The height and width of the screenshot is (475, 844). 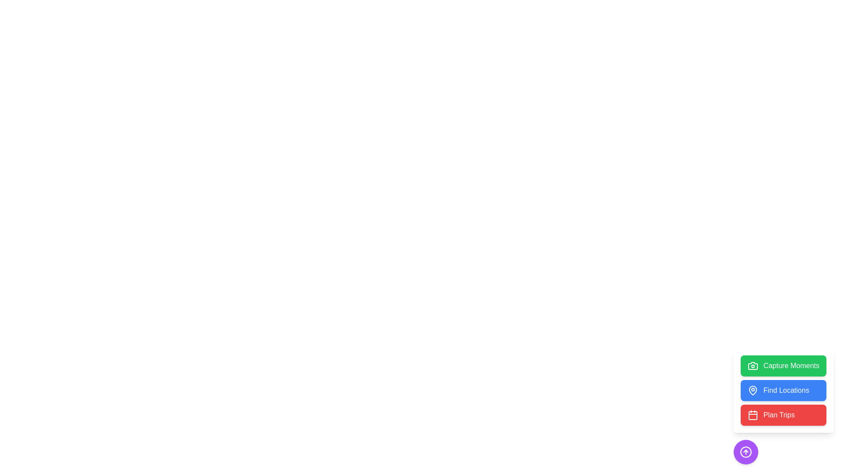 I want to click on the 'Plan Trips' button to open the trip planning interface, so click(x=783, y=415).